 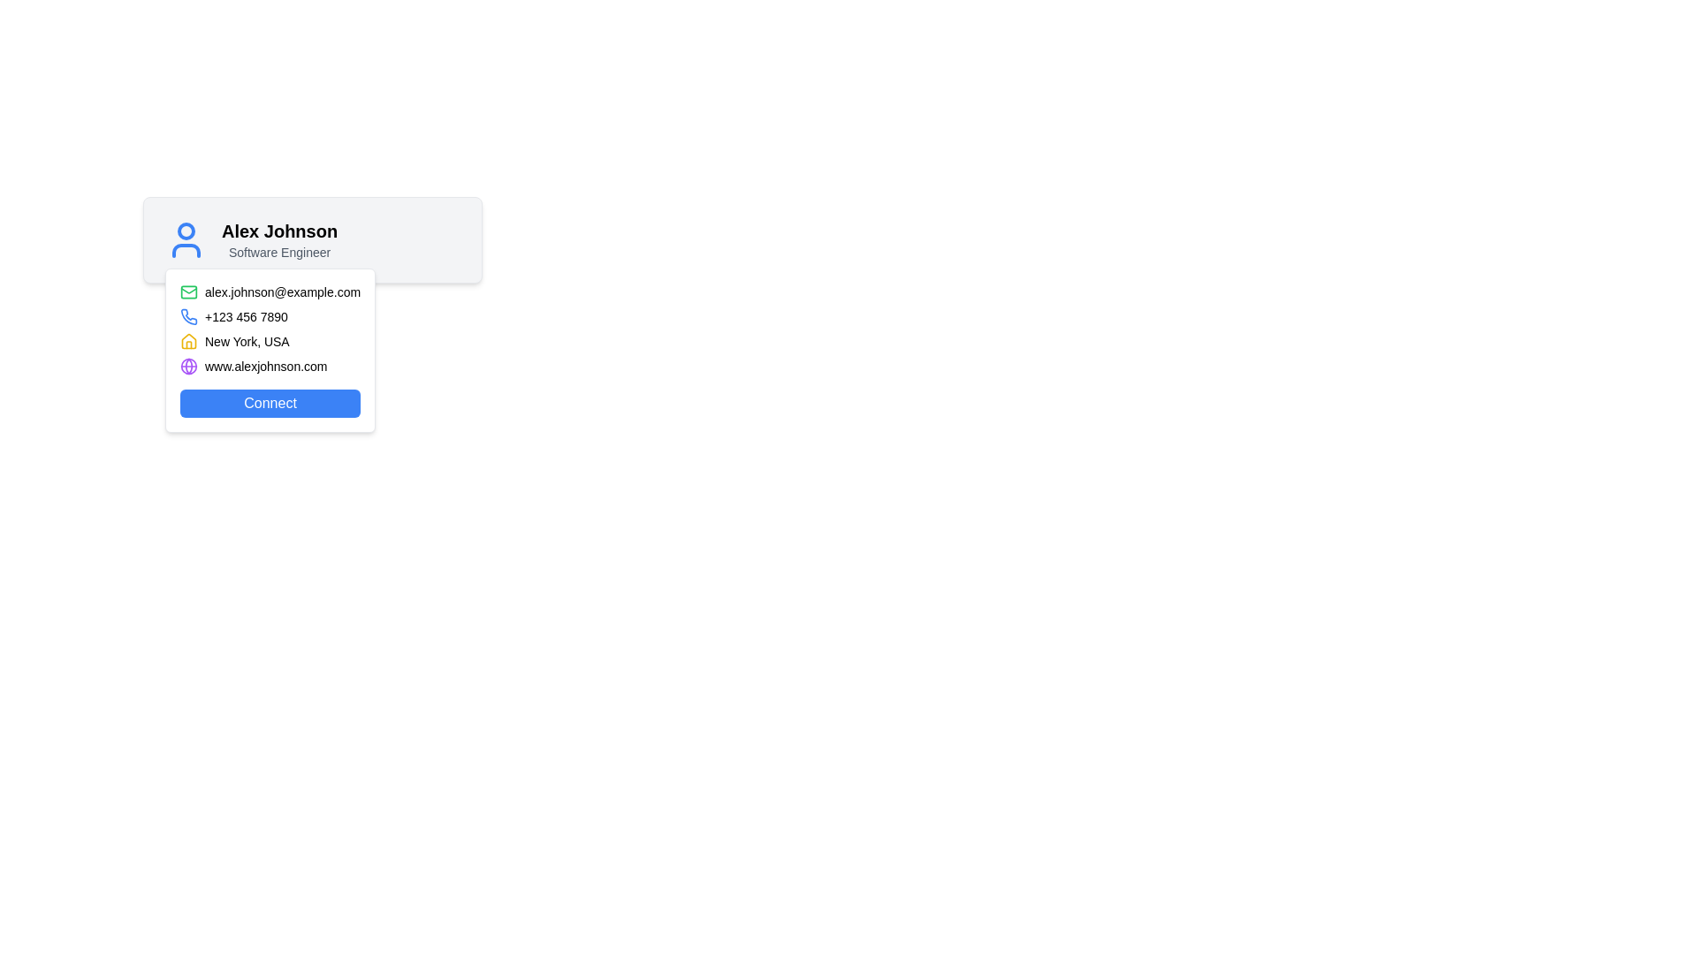 I want to click on the green SVG envelope icon positioned to the left of the email address 'alex.johnson@example.com', so click(x=189, y=291).